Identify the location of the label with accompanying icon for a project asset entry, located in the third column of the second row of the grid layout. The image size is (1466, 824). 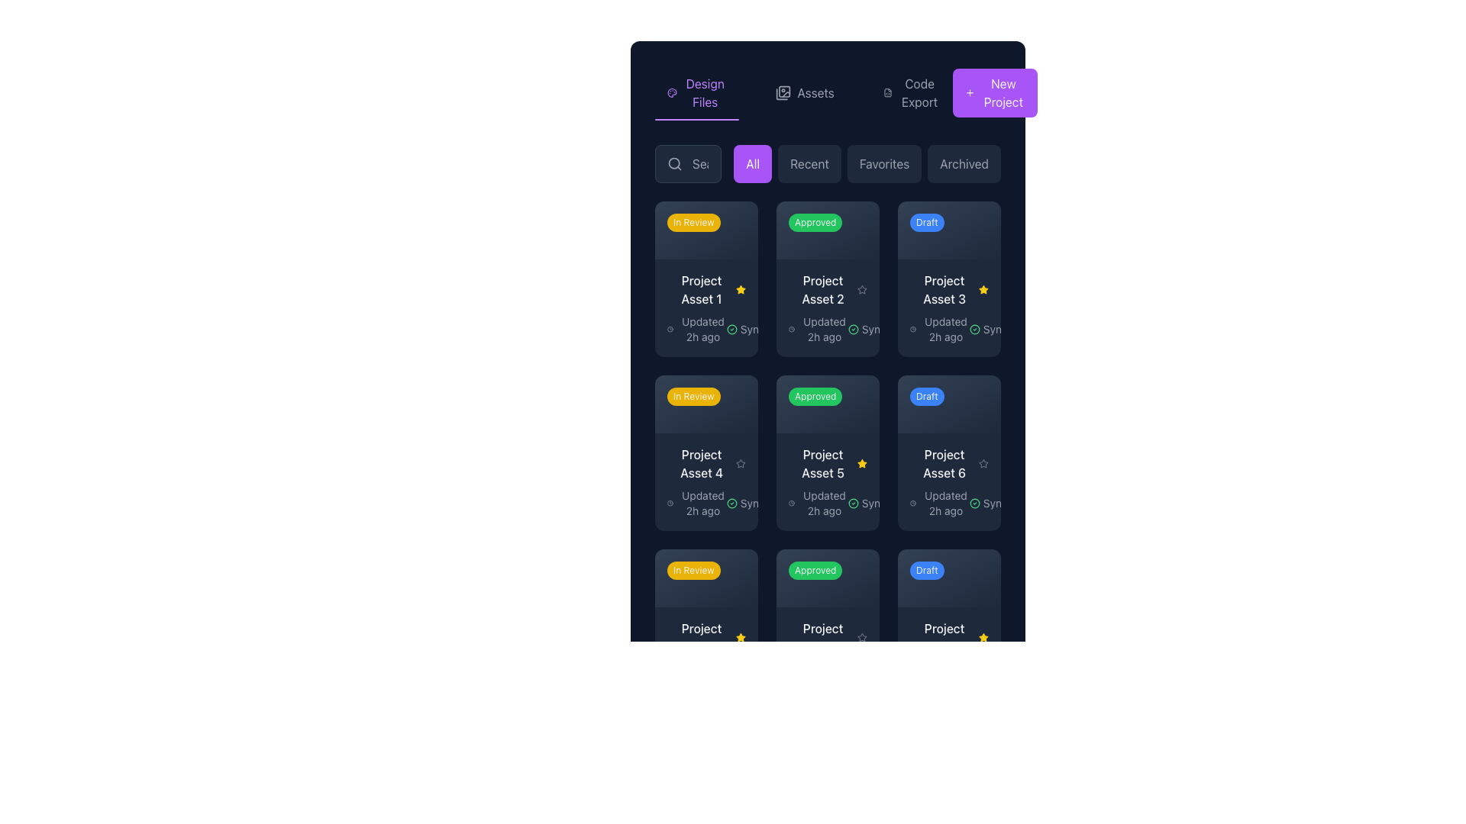
(948, 462).